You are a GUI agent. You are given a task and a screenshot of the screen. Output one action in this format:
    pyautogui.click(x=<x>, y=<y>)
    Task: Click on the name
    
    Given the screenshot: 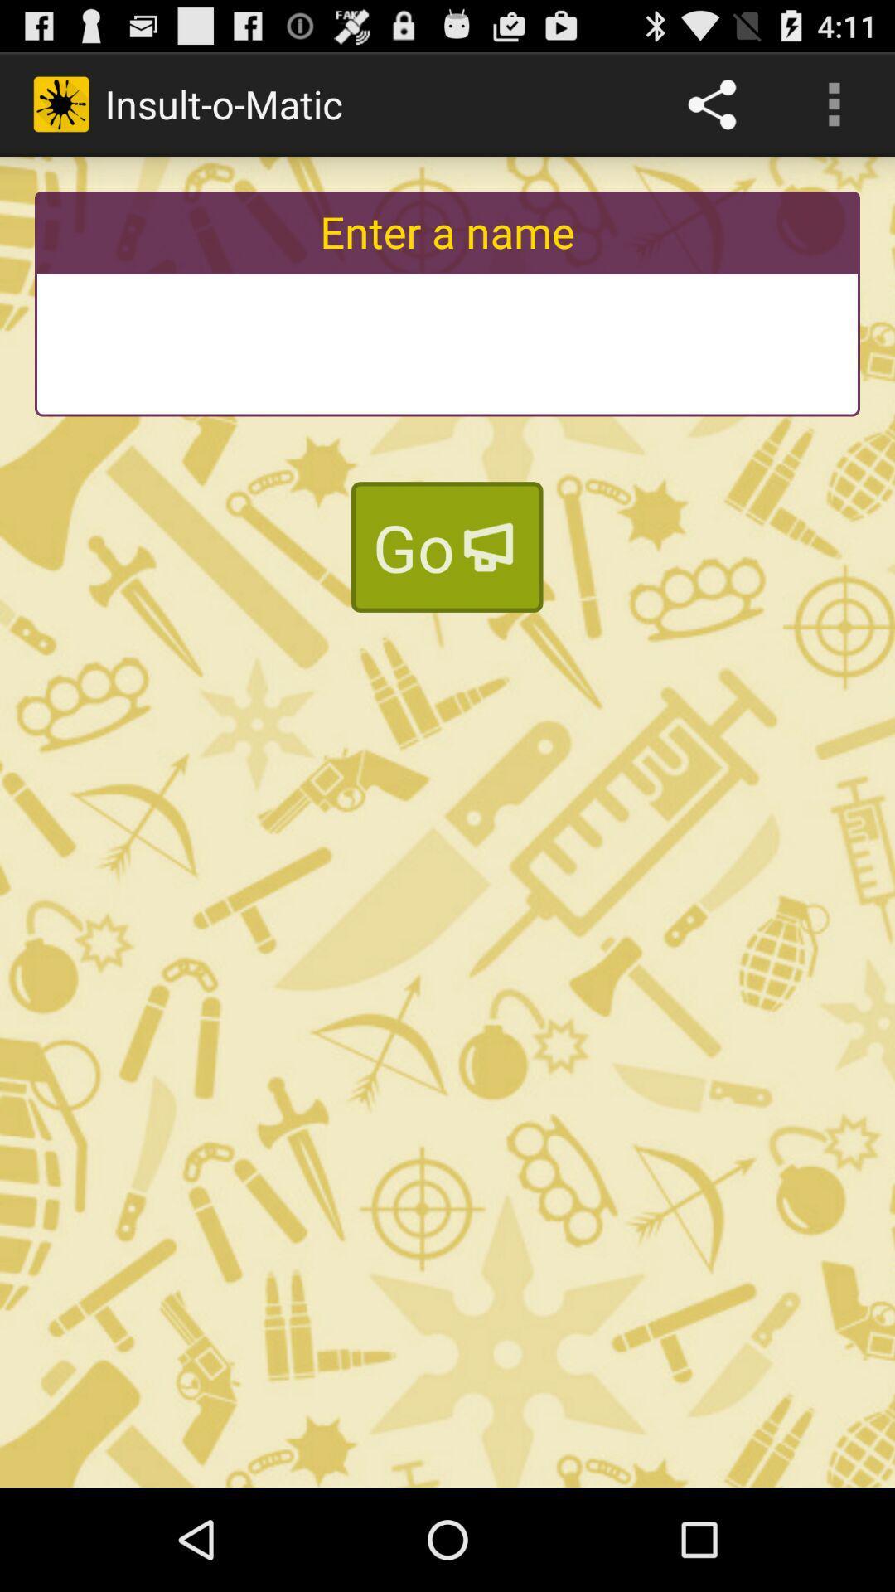 What is the action you would take?
    pyautogui.click(x=447, y=343)
    